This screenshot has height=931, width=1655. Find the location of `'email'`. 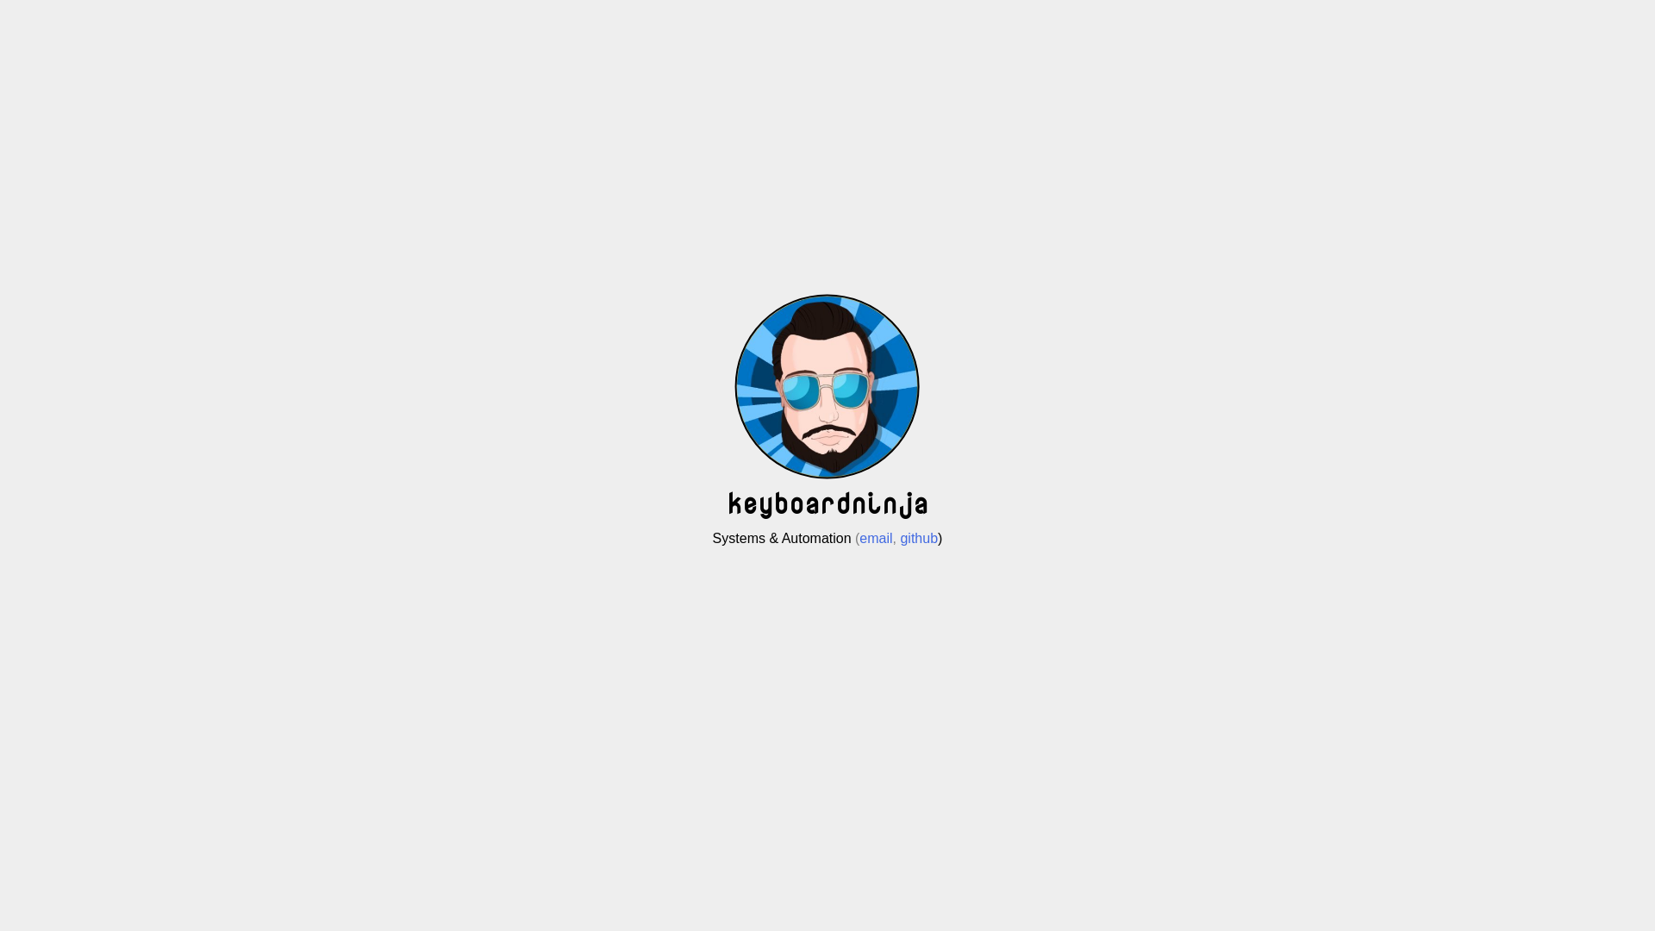

'email' is located at coordinates (859, 537).